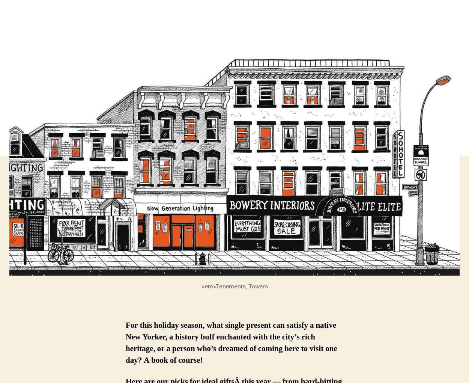  What do you see at coordinates (104, 173) in the screenshot?
I see `'Sign up for our newsletter!'` at bounding box center [104, 173].